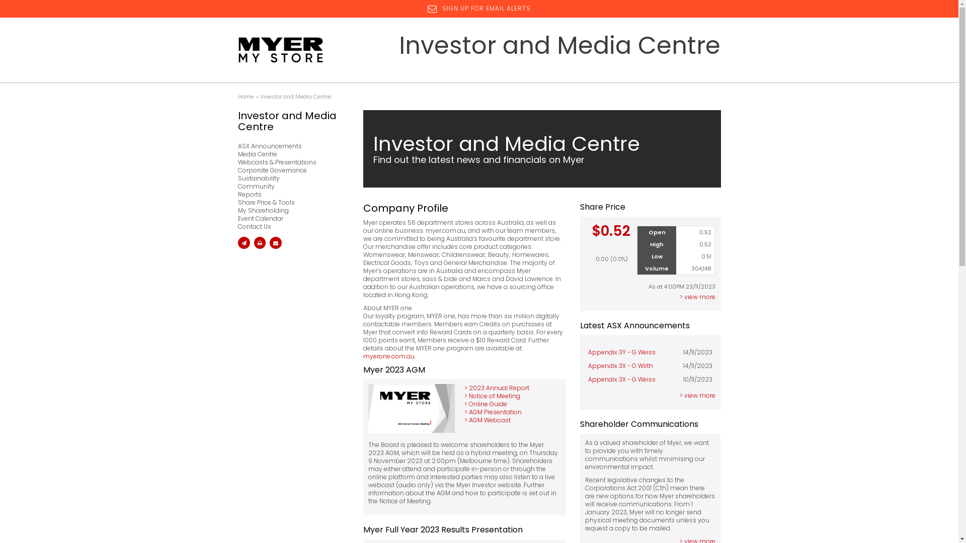 This screenshot has height=543, width=966. What do you see at coordinates (290, 146) in the screenshot?
I see `'ASX Announcements'` at bounding box center [290, 146].